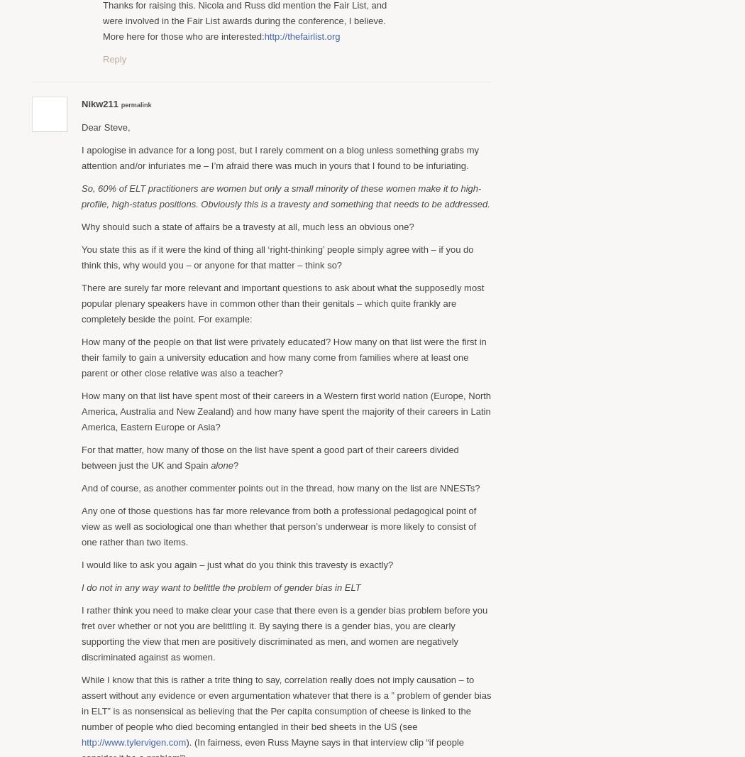 This screenshot has width=745, height=757. Describe the element at coordinates (279, 525) in the screenshot. I see `'Any one of those questions has far more relevance from both a professional pedagogical point of view as well as sociological one than whether that person’s underwear is more likely to consist of one rather than two items.'` at that location.